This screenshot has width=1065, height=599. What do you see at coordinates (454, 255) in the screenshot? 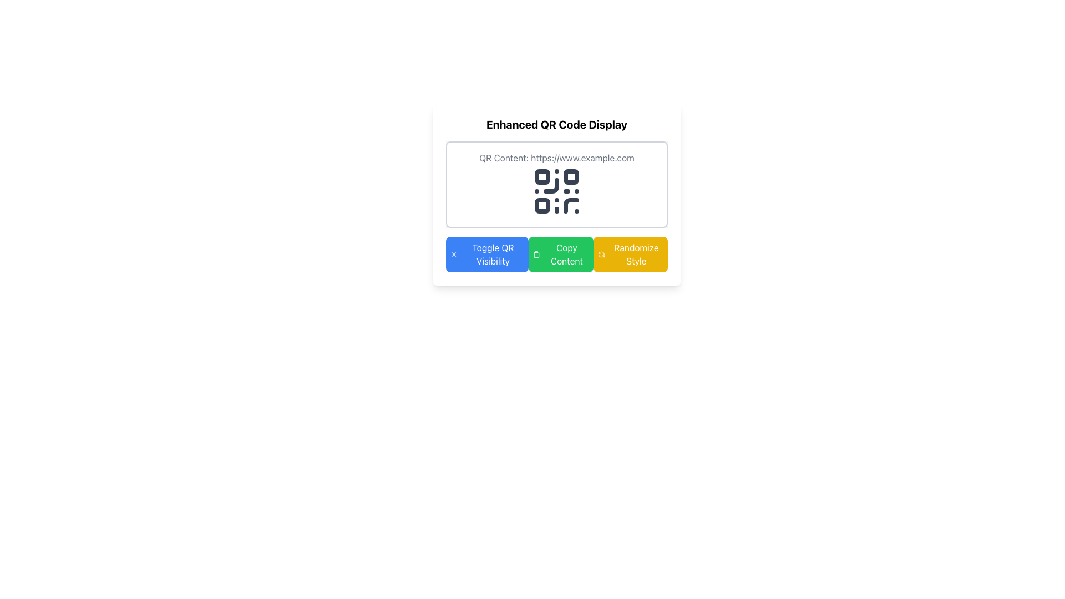
I see `the small blue icon with a white 'X' symbol located on the left side of the 'Toggle QR Visibility' button` at bounding box center [454, 255].